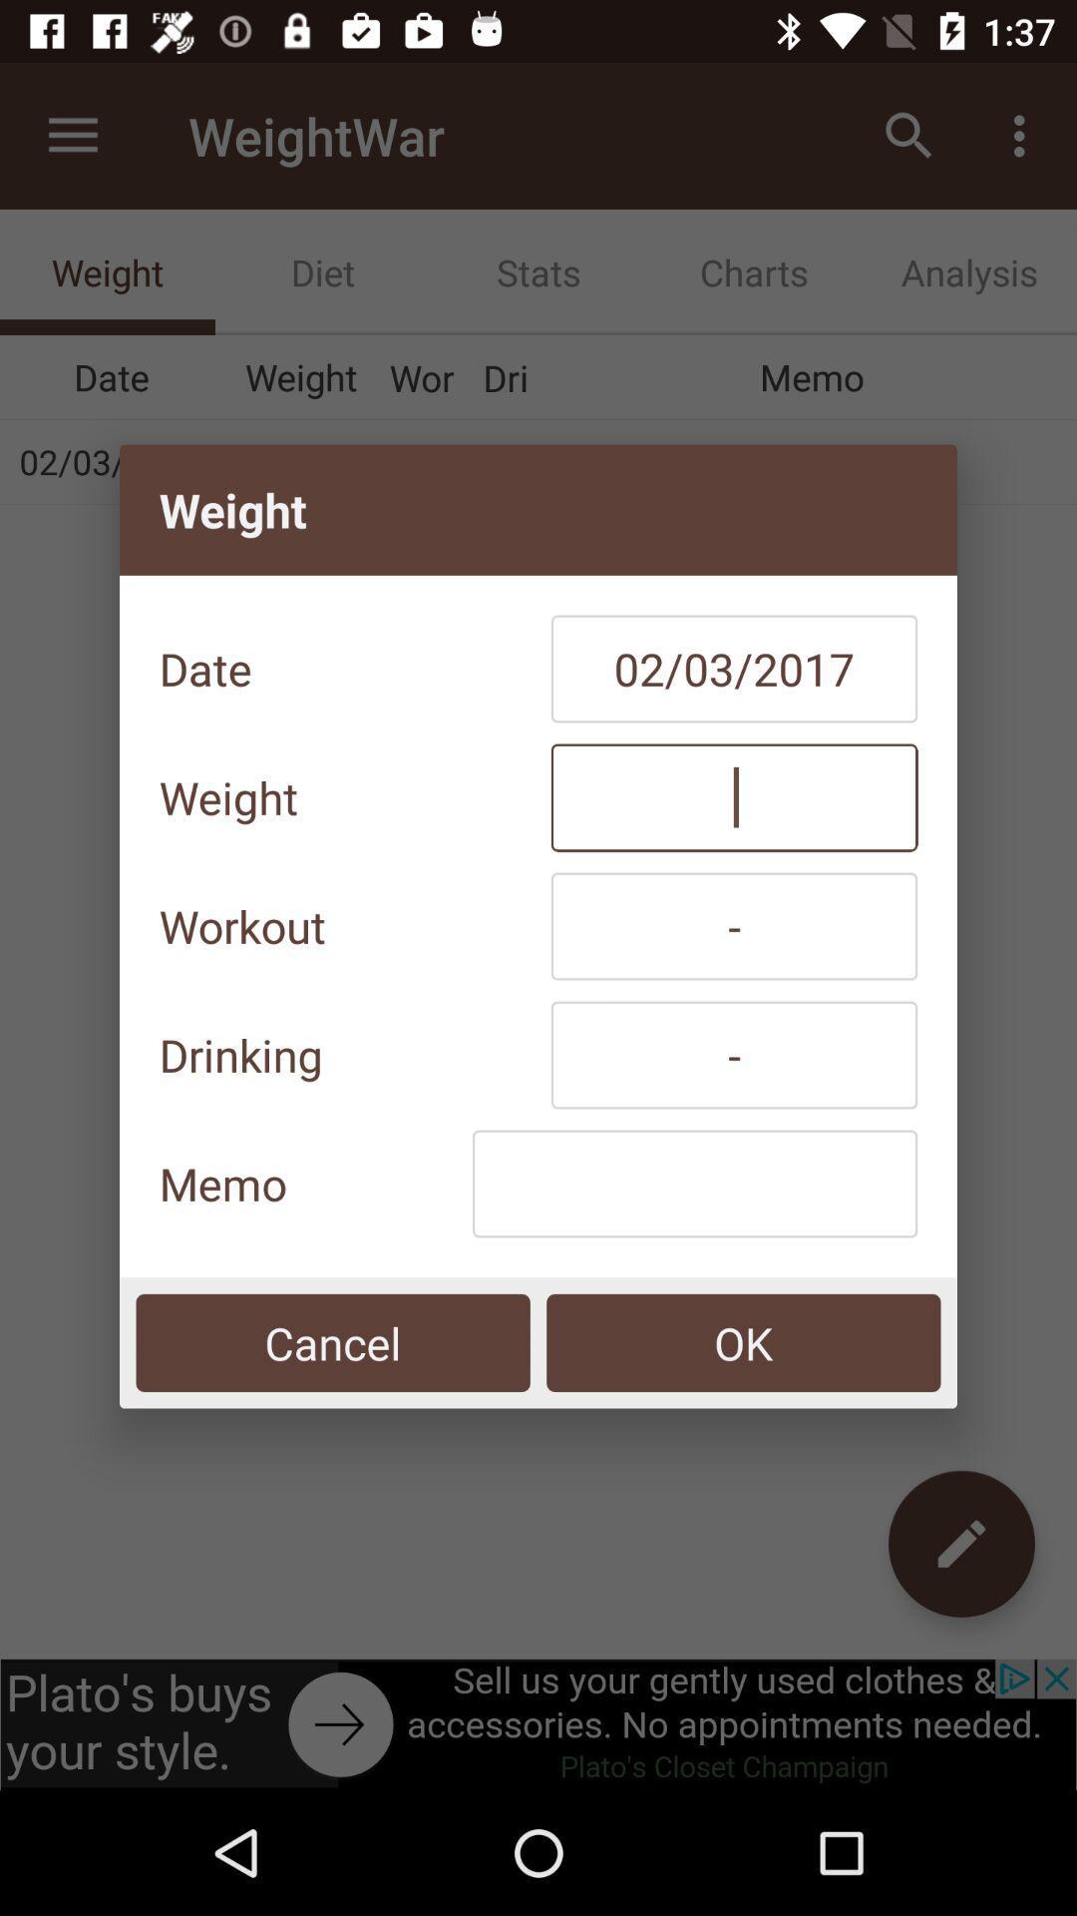 This screenshot has height=1916, width=1077. Describe the element at coordinates (734, 1054) in the screenshot. I see `the item below the workout item` at that location.